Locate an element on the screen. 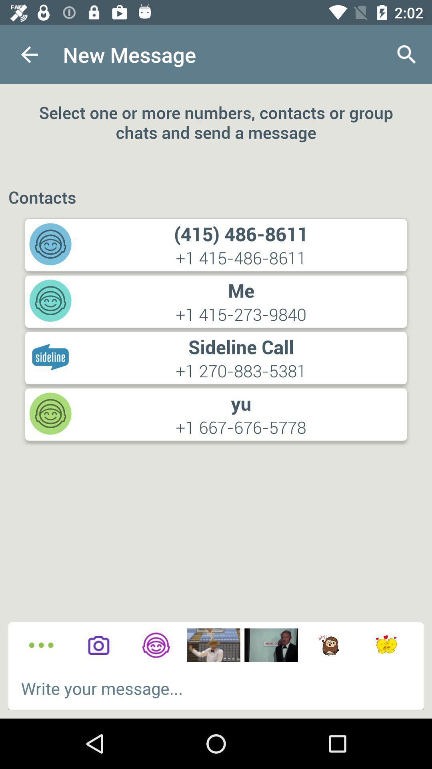  the app next to the new message icon is located at coordinates (407, 54).